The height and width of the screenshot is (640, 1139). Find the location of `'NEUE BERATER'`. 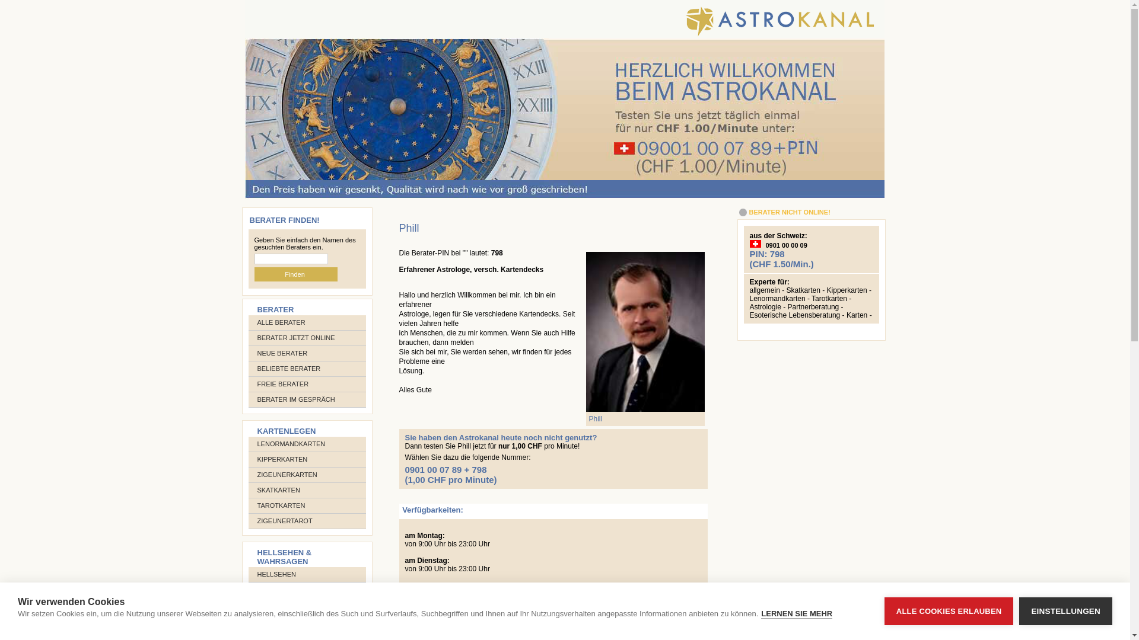

'NEUE BERATER' is located at coordinates (256, 353).